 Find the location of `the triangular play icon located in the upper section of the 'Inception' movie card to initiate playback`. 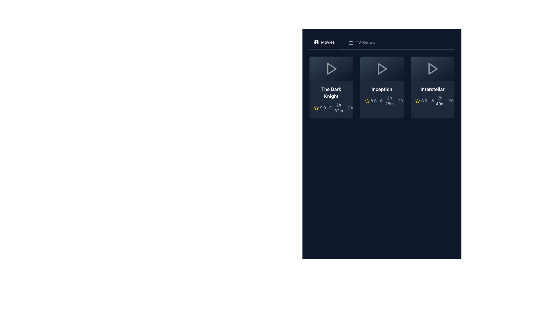

the triangular play icon located in the upper section of the 'Inception' movie card to initiate playback is located at coordinates (382, 69).